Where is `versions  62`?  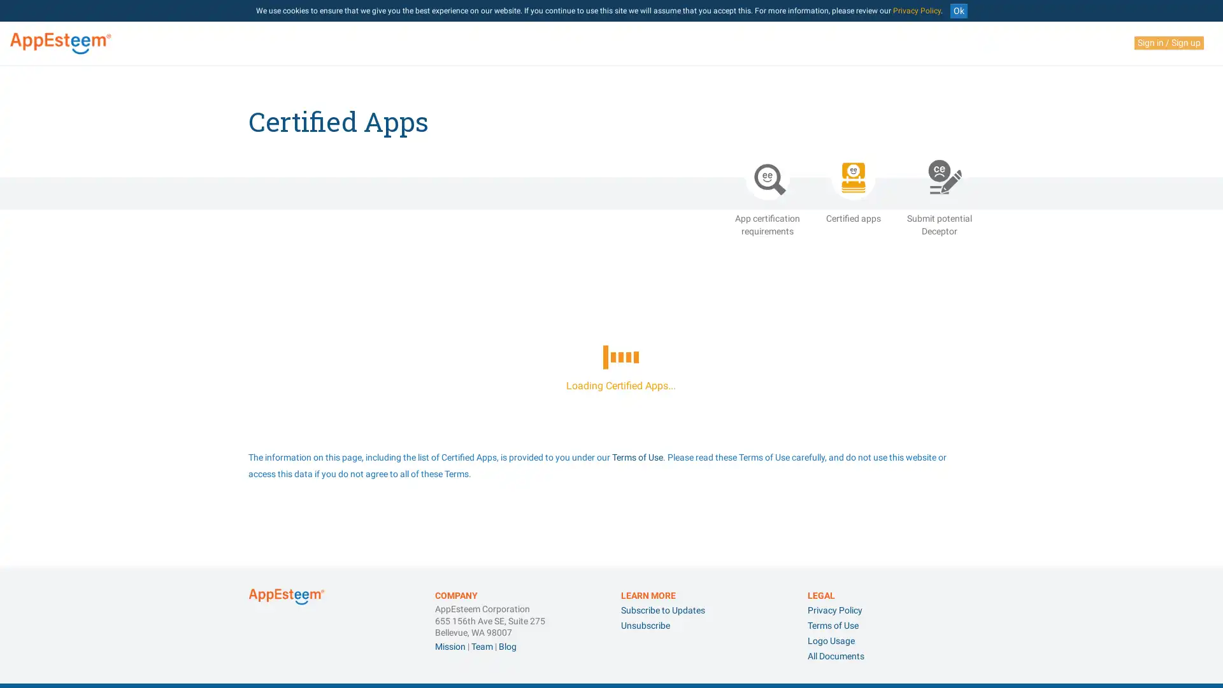 versions  62 is located at coordinates (649, 552).